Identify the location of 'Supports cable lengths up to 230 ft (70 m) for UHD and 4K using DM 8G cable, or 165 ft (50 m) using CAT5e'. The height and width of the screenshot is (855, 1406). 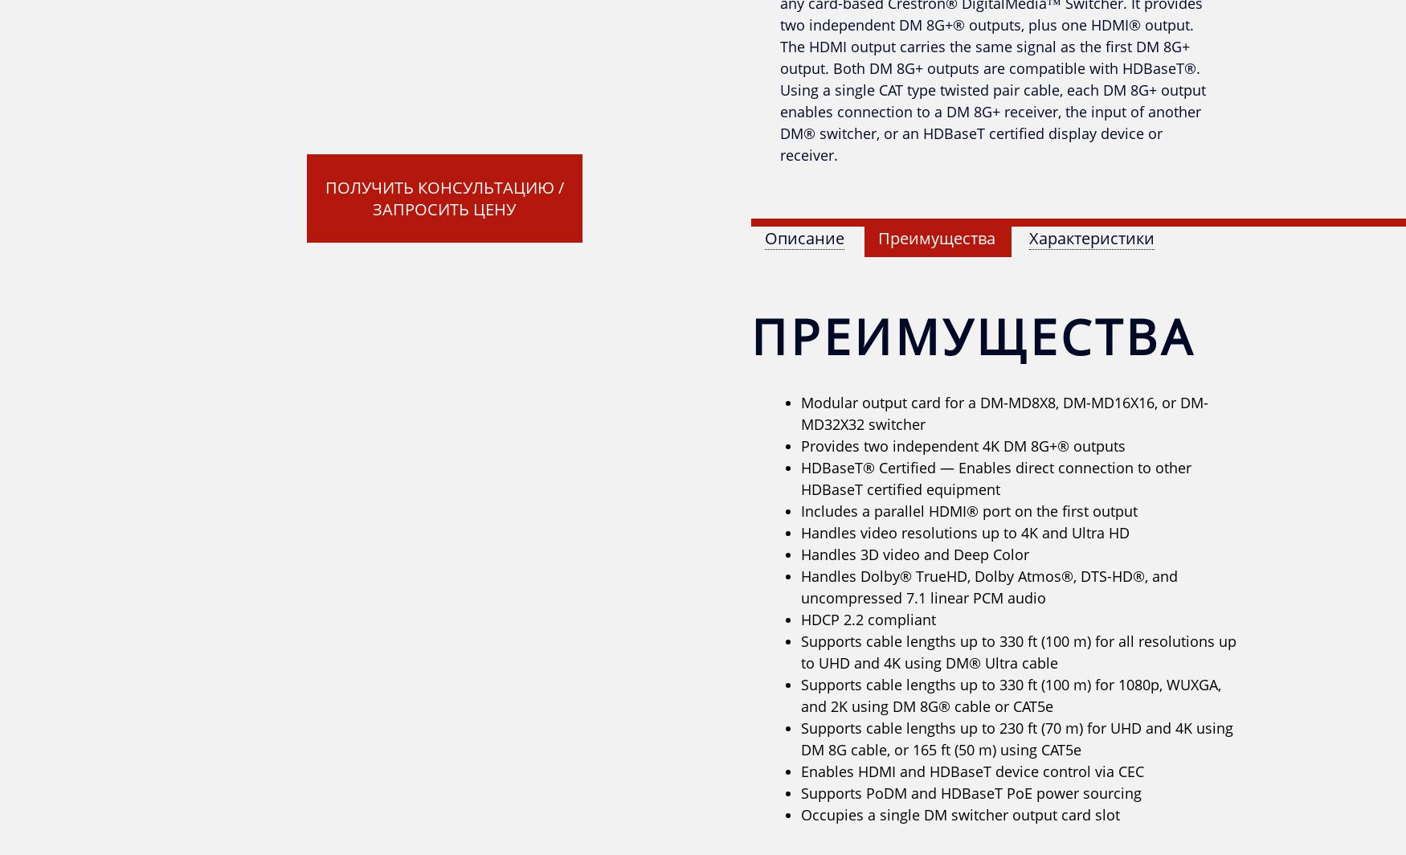
(1016, 738).